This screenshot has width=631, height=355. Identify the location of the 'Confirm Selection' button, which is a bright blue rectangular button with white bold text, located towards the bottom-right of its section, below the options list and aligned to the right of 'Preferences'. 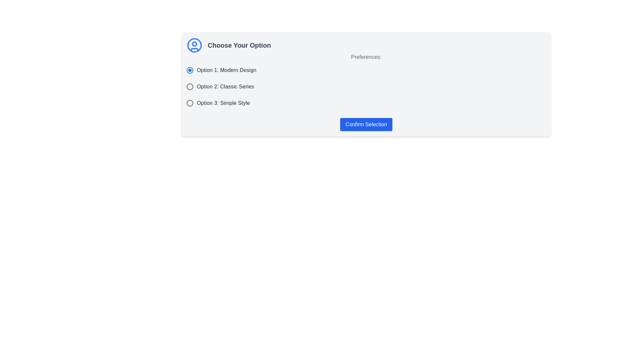
(366, 124).